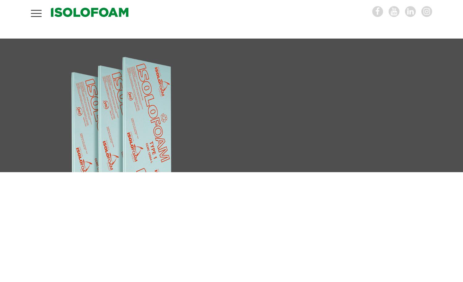 This screenshot has width=463, height=282. I want to click on 'Advantages', so click(86, 202).